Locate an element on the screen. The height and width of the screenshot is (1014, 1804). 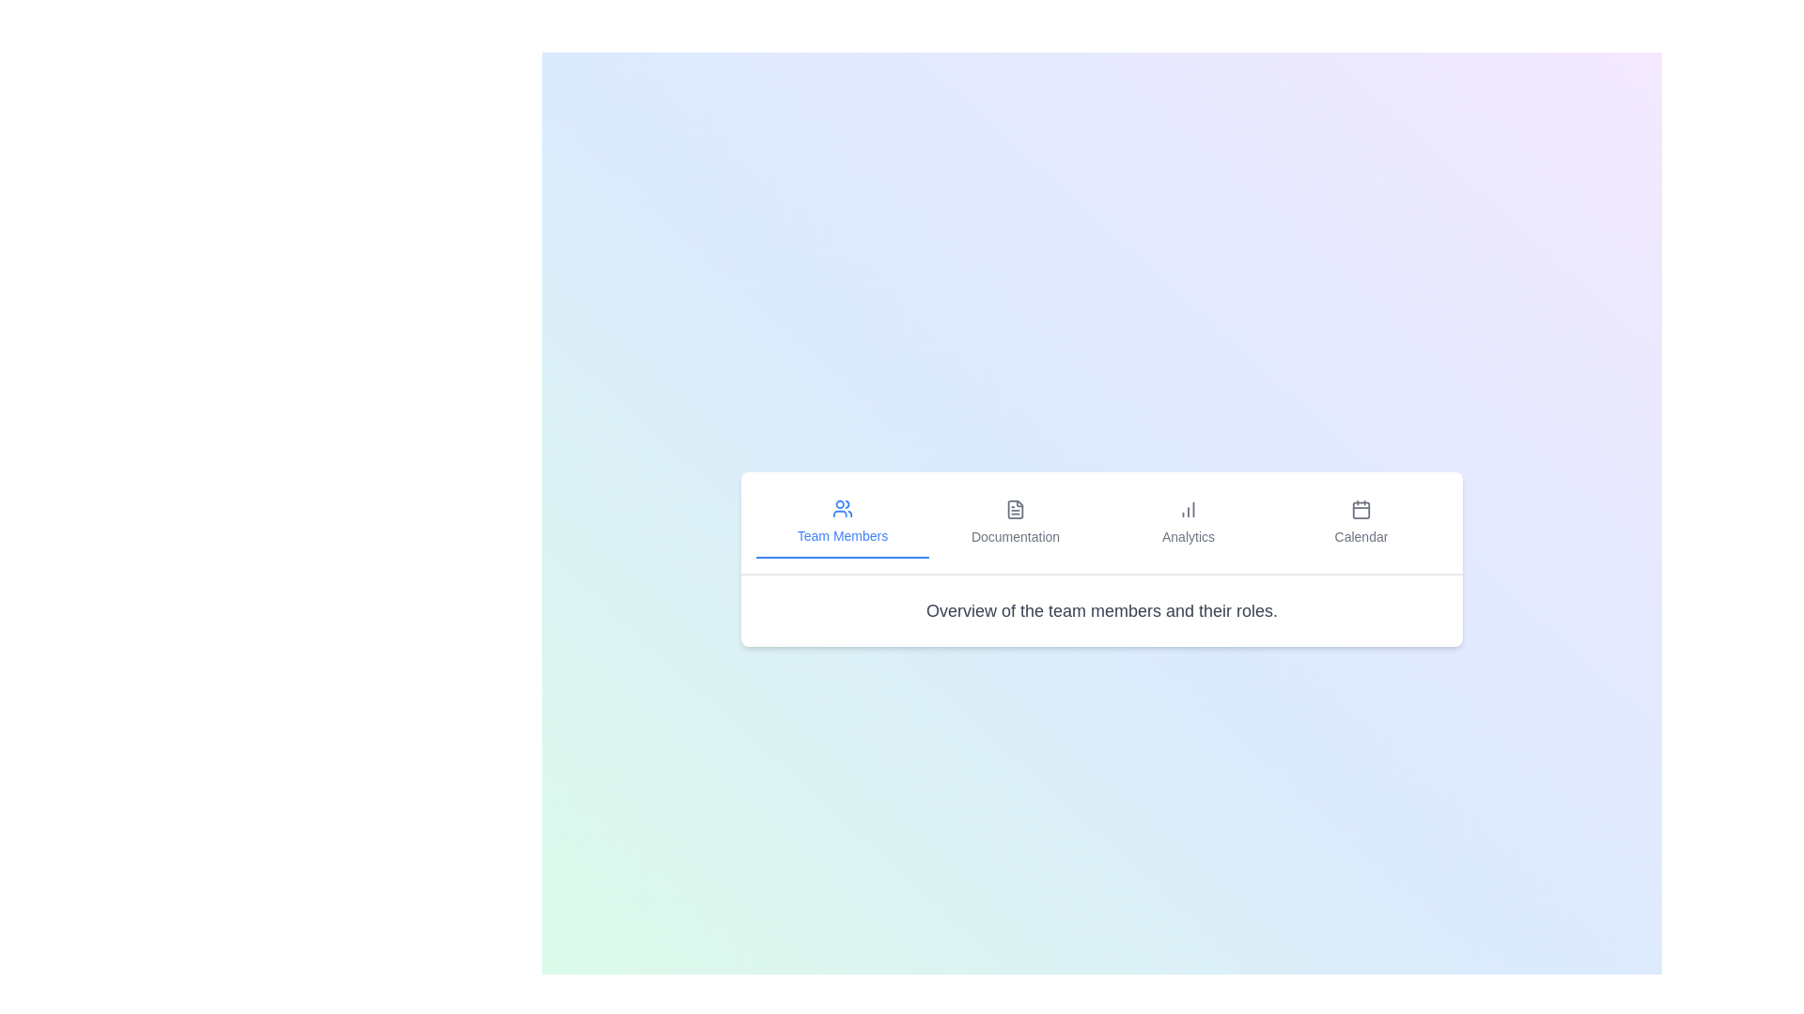
the Analytics tab to view its content is located at coordinates (1188, 522).